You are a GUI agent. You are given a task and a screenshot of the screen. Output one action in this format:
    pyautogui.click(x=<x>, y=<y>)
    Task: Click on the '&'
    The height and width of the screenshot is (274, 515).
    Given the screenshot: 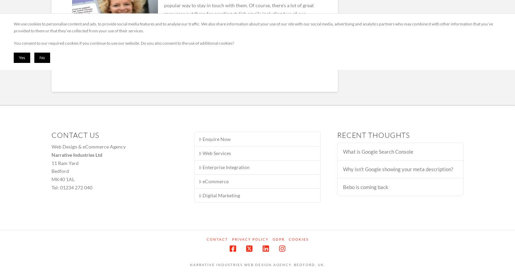 What is the action you would take?
    pyautogui.click(x=215, y=21)
    